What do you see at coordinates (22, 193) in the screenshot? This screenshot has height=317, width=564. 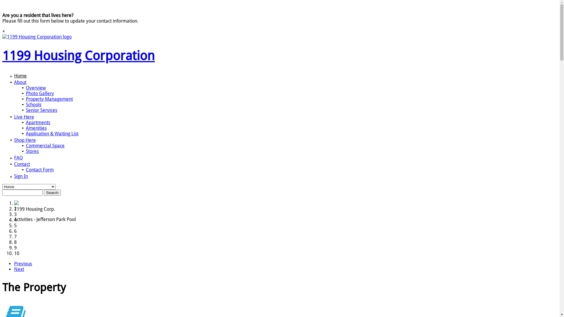 I see `'Enter the terms you wish to search for.'` at bounding box center [22, 193].